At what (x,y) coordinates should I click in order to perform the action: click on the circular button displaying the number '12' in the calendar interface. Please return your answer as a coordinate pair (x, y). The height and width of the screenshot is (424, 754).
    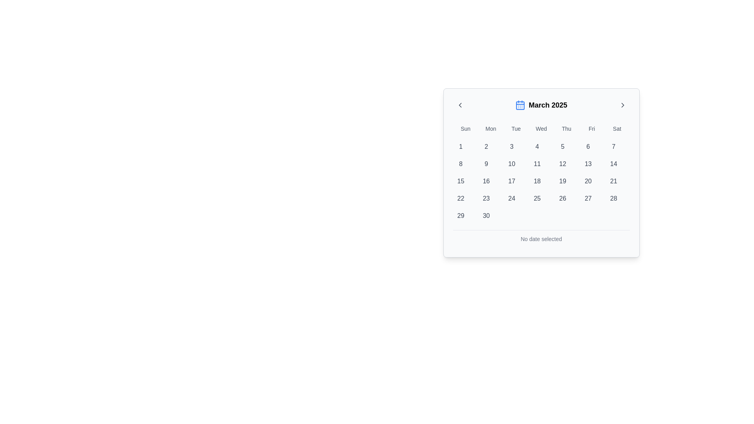
    Looking at the image, I should click on (562, 163).